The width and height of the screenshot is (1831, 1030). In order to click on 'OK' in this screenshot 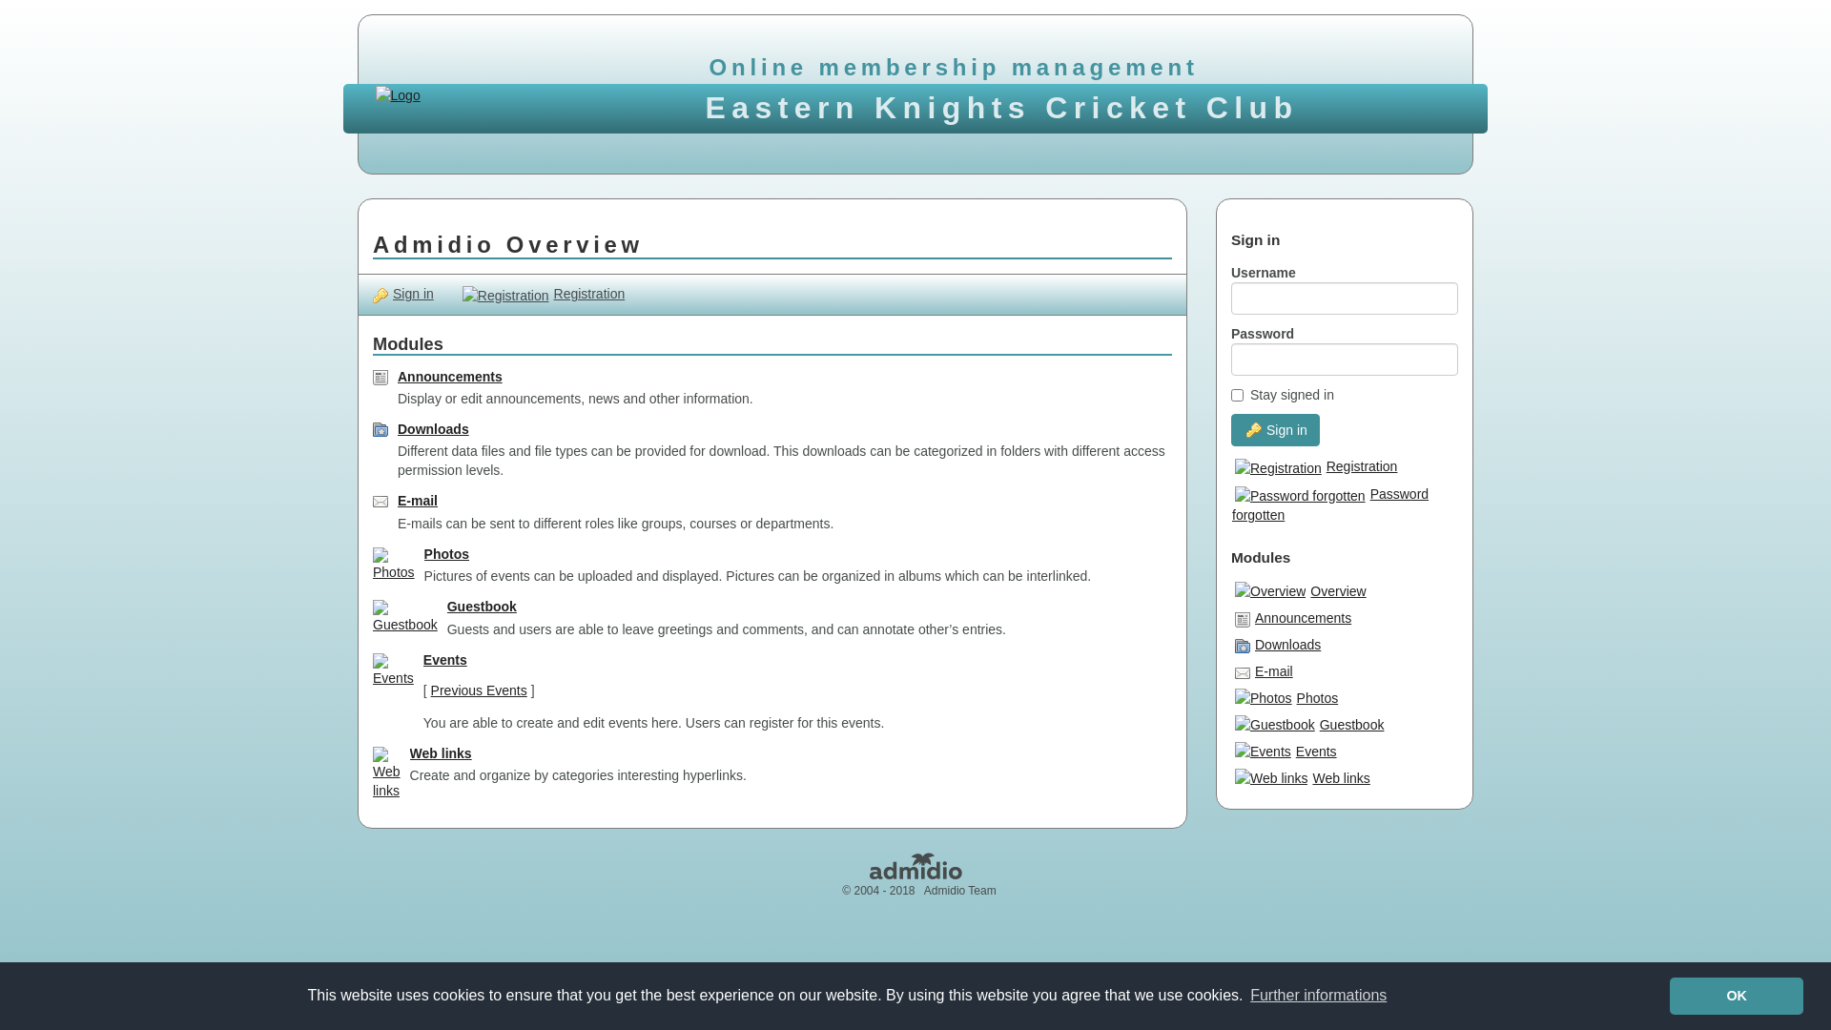, I will do `click(1736, 995)`.